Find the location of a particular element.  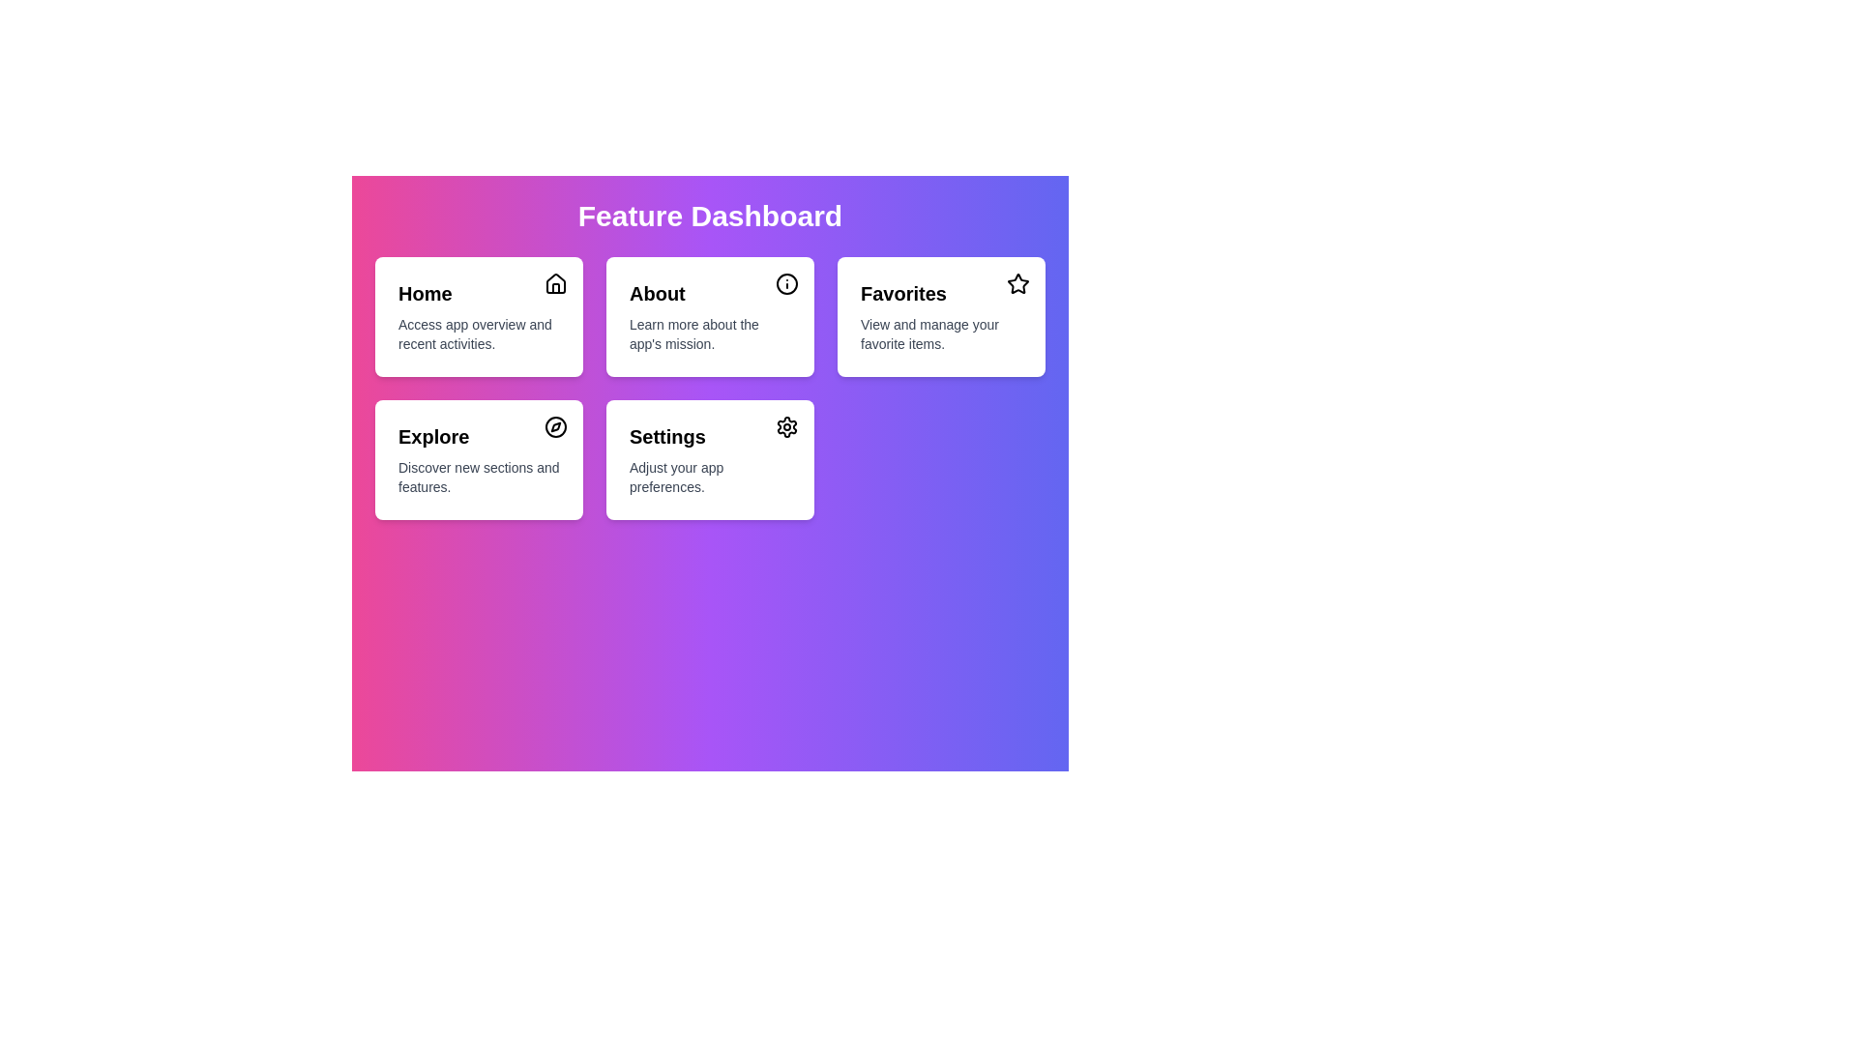

the menu item Home to see its hover effect is located at coordinates (479, 315).